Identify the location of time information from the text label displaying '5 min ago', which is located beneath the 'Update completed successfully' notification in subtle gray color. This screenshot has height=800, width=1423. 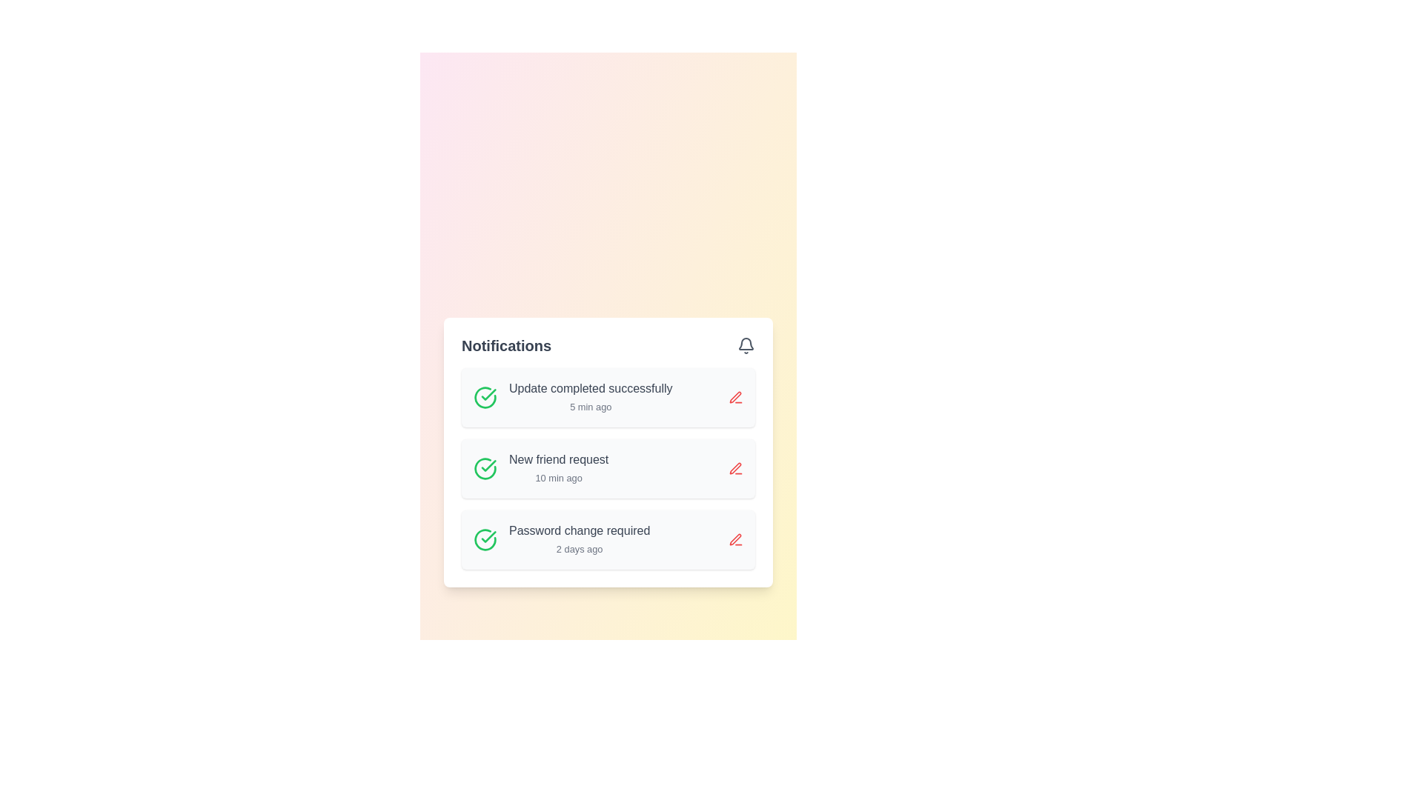
(590, 407).